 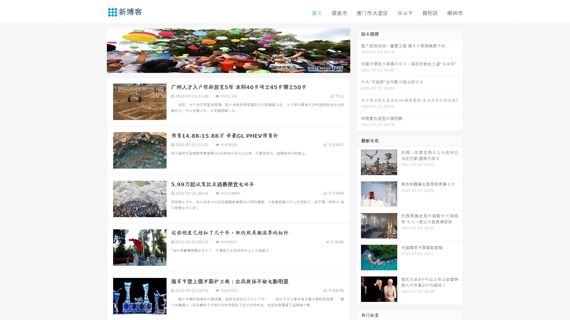 I want to click on Go to slide 2, so click(x=228, y=67).